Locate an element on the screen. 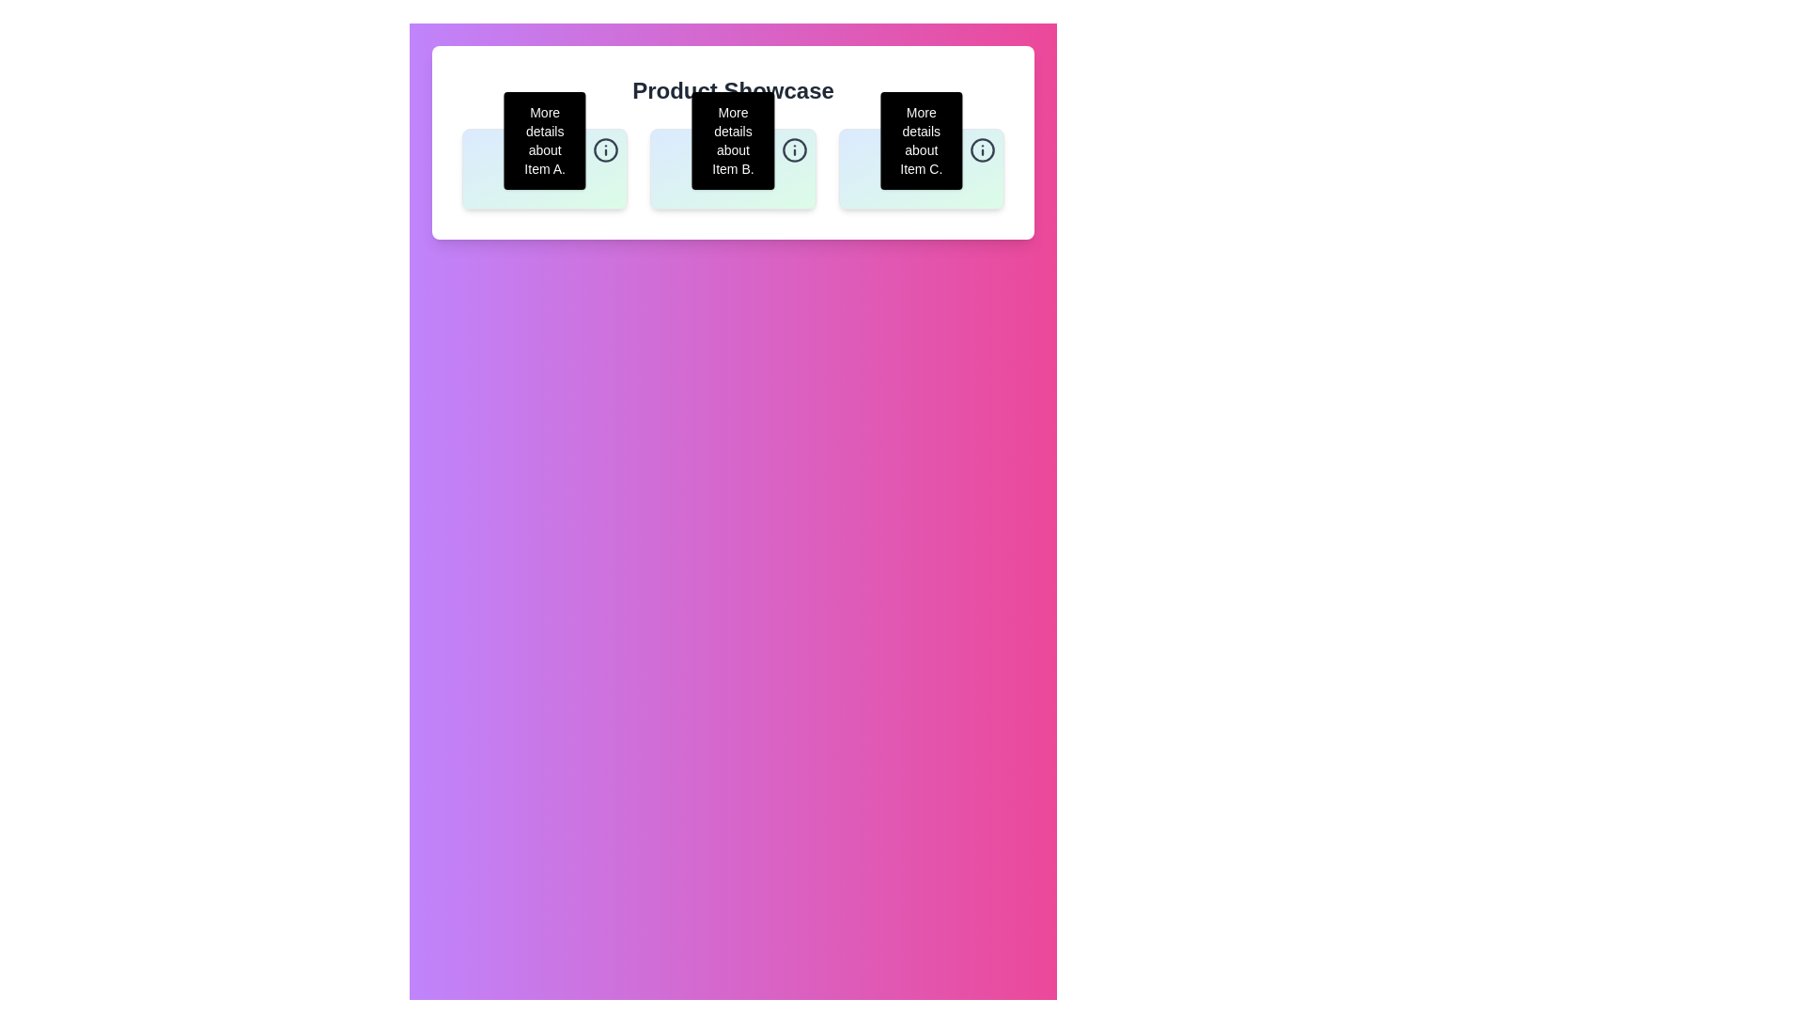 The image size is (1804, 1015). the tooltip displaying 'More details about Item B', which has a black background and white text, positioned above the item labeled 'Item B' is located at coordinates (732, 140).